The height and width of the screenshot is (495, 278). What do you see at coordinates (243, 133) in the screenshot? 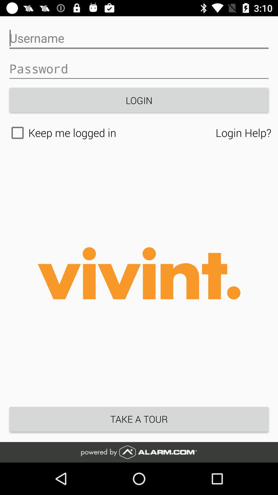
I see `the item below login icon` at bounding box center [243, 133].